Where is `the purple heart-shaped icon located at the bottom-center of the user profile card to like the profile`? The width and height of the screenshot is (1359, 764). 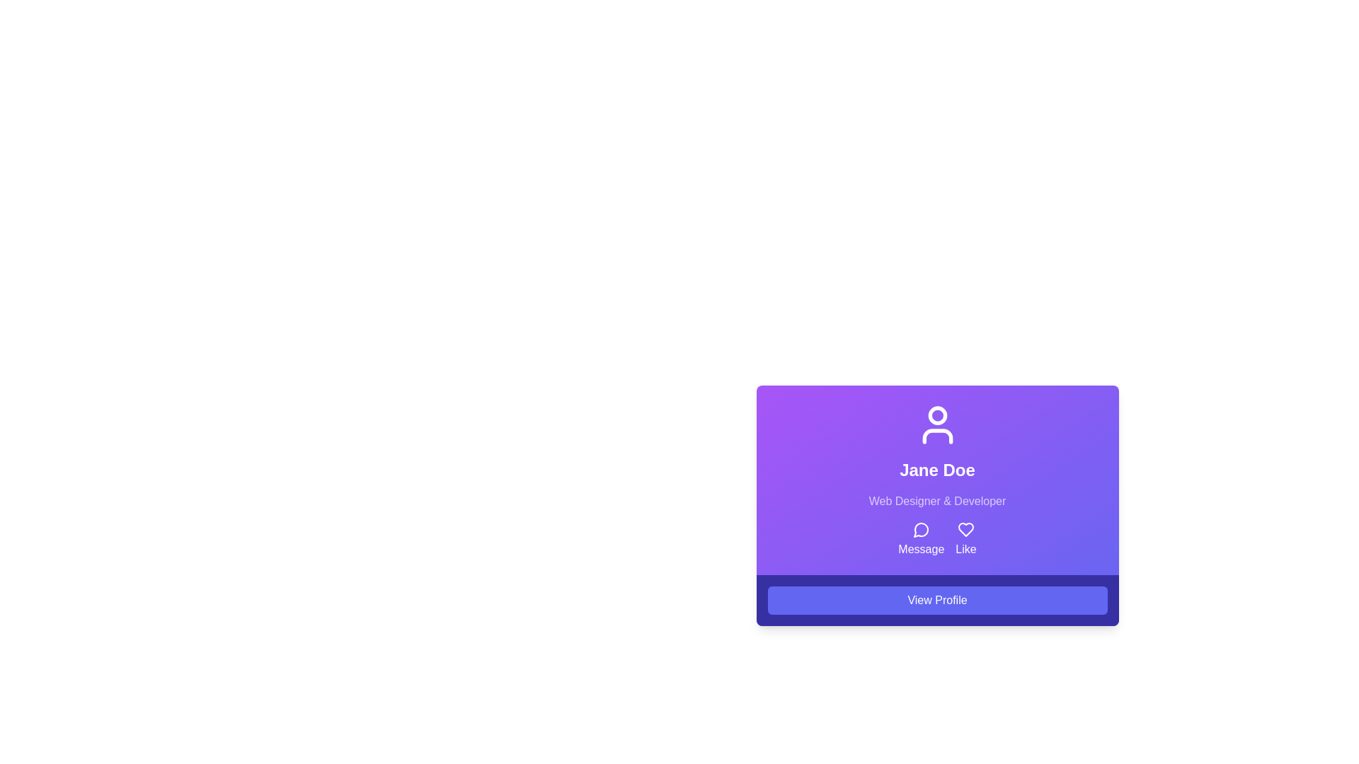 the purple heart-shaped icon located at the bottom-center of the user profile card to like the profile is located at coordinates (965, 529).